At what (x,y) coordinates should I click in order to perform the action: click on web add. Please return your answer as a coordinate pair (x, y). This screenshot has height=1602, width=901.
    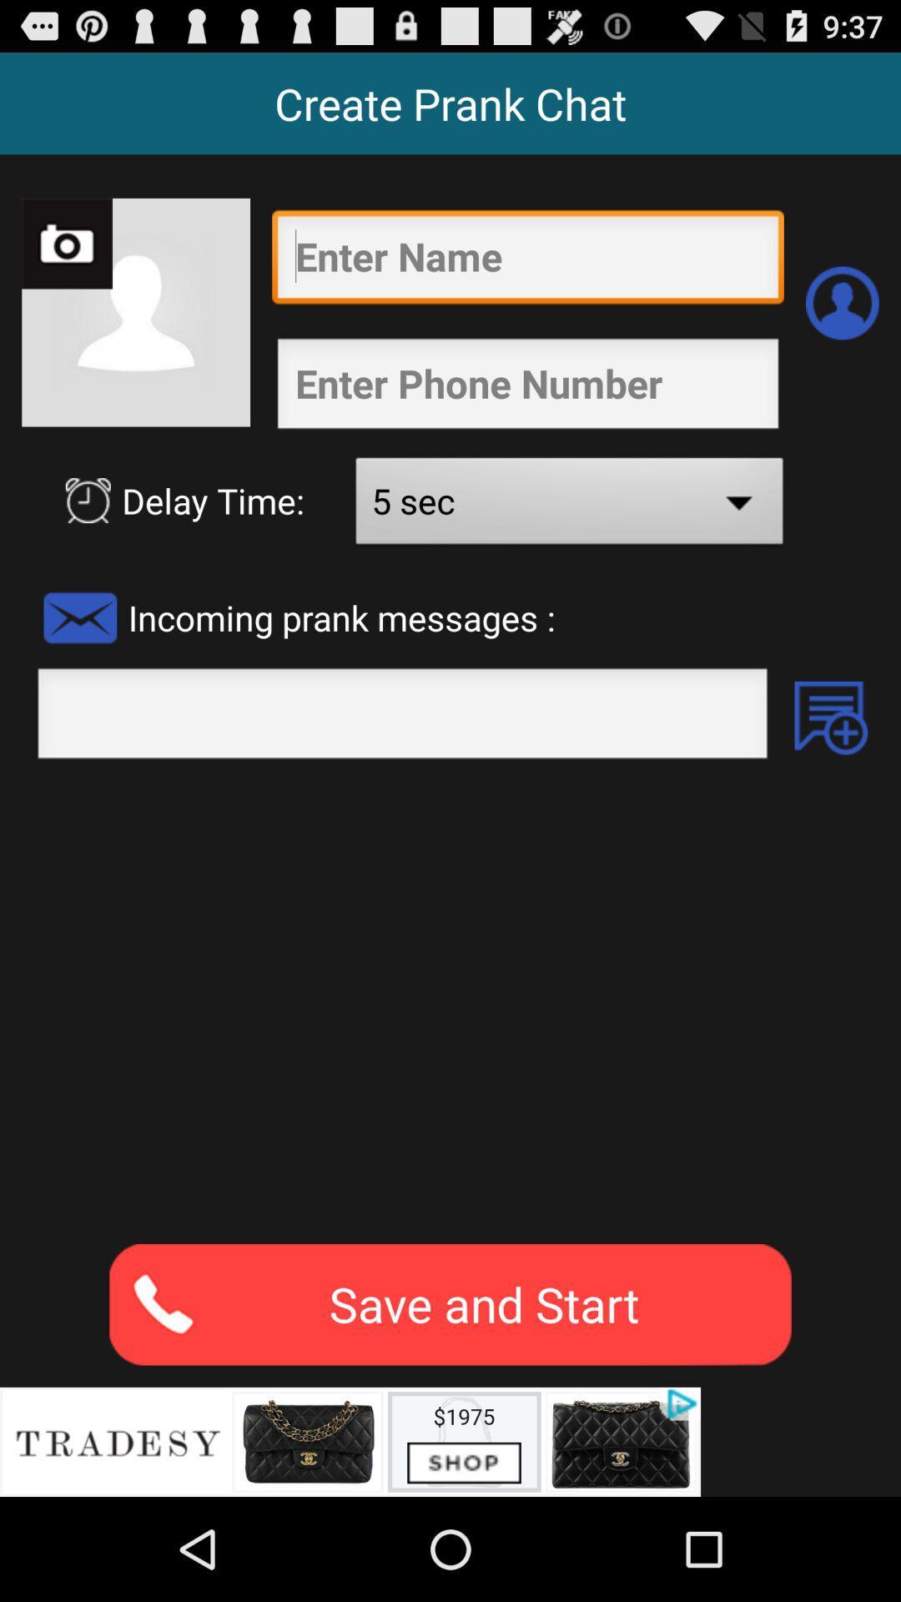
    Looking at the image, I should click on (350, 1441).